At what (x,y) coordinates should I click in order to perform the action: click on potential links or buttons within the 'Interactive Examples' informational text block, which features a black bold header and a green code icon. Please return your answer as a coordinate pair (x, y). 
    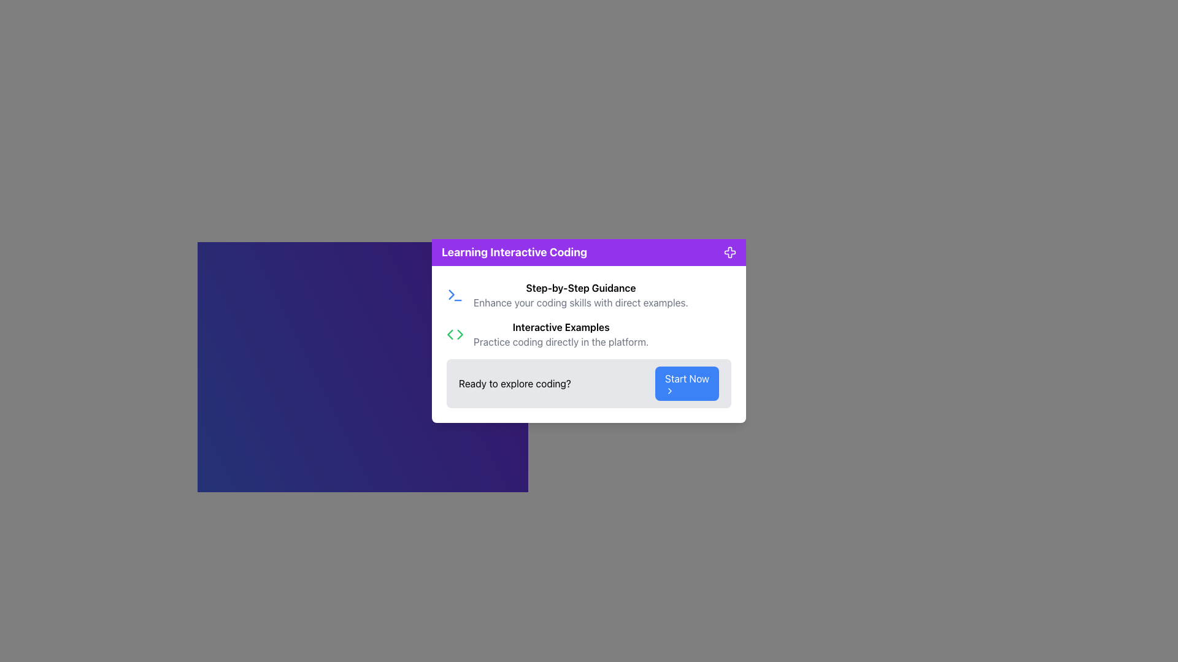
    Looking at the image, I should click on (589, 335).